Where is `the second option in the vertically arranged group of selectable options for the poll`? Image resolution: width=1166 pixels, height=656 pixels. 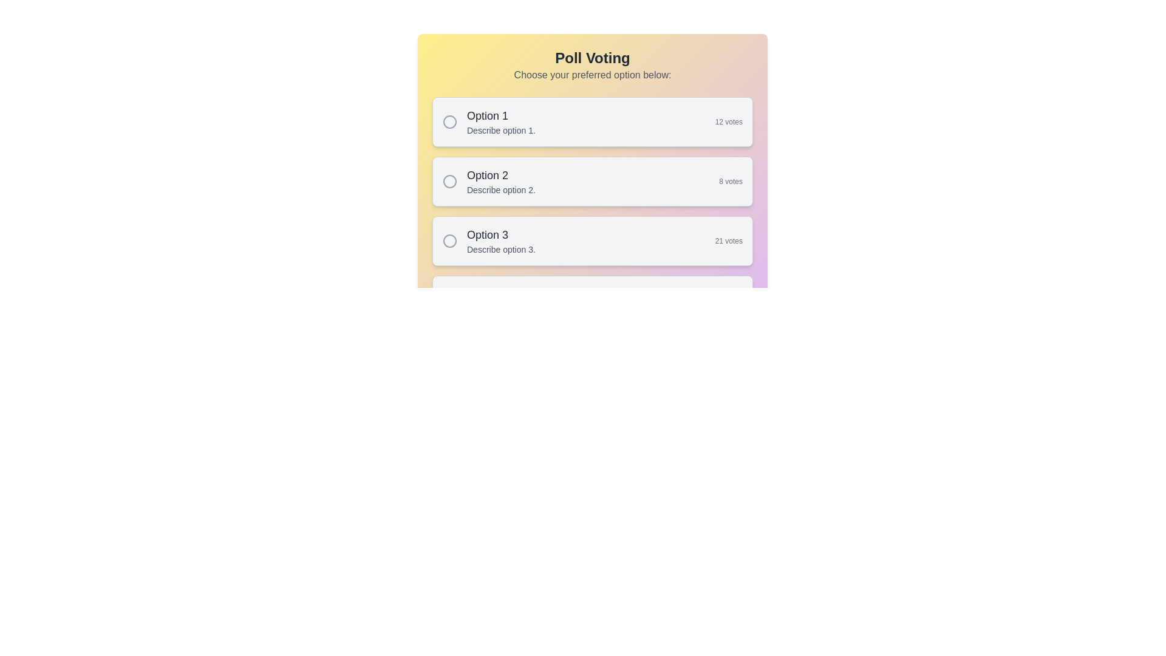 the second option in the vertically arranged group of selectable options for the poll is located at coordinates (592, 210).